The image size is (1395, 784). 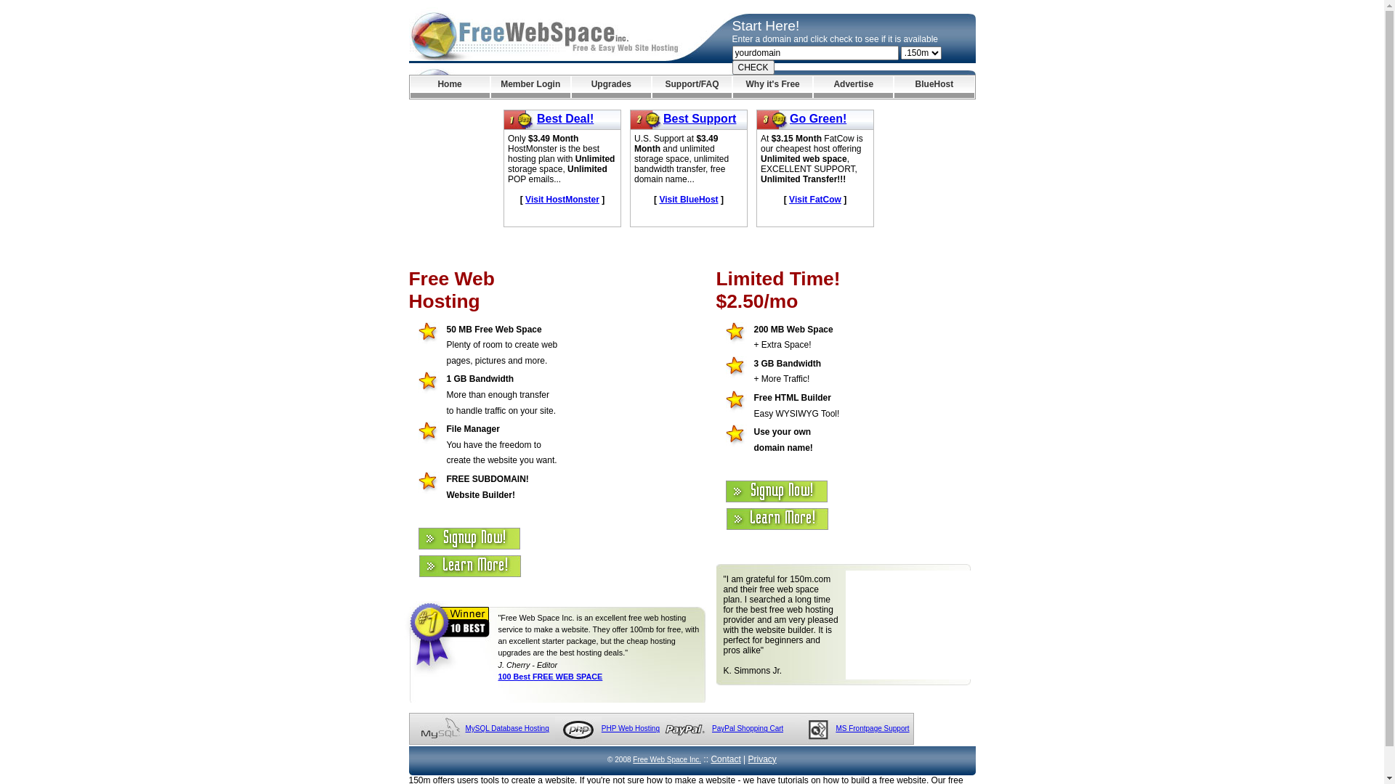 What do you see at coordinates (602, 728) in the screenshot?
I see `'PHP Web Hosting'` at bounding box center [602, 728].